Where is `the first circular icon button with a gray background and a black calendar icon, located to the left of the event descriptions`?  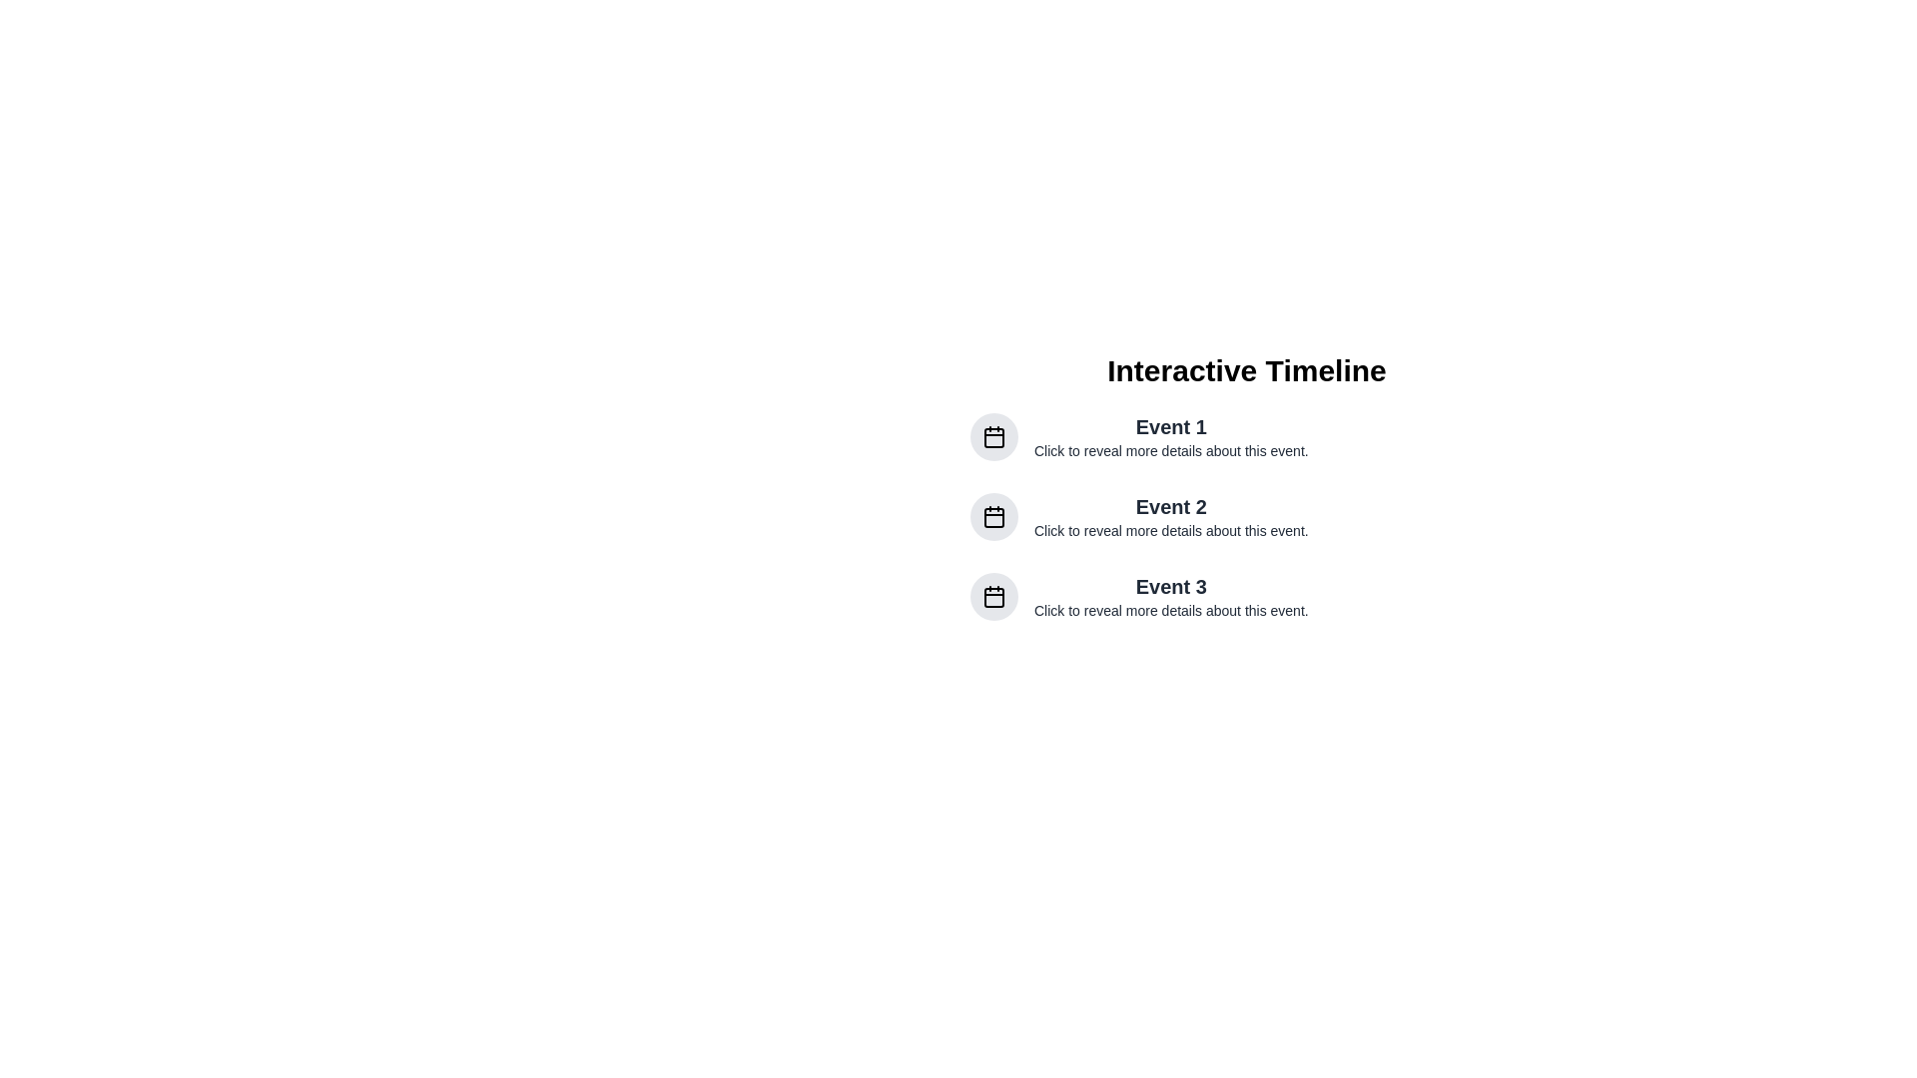 the first circular icon button with a gray background and a black calendar icon, located to the left of the event descriptions is located at coordinates (994, 436).